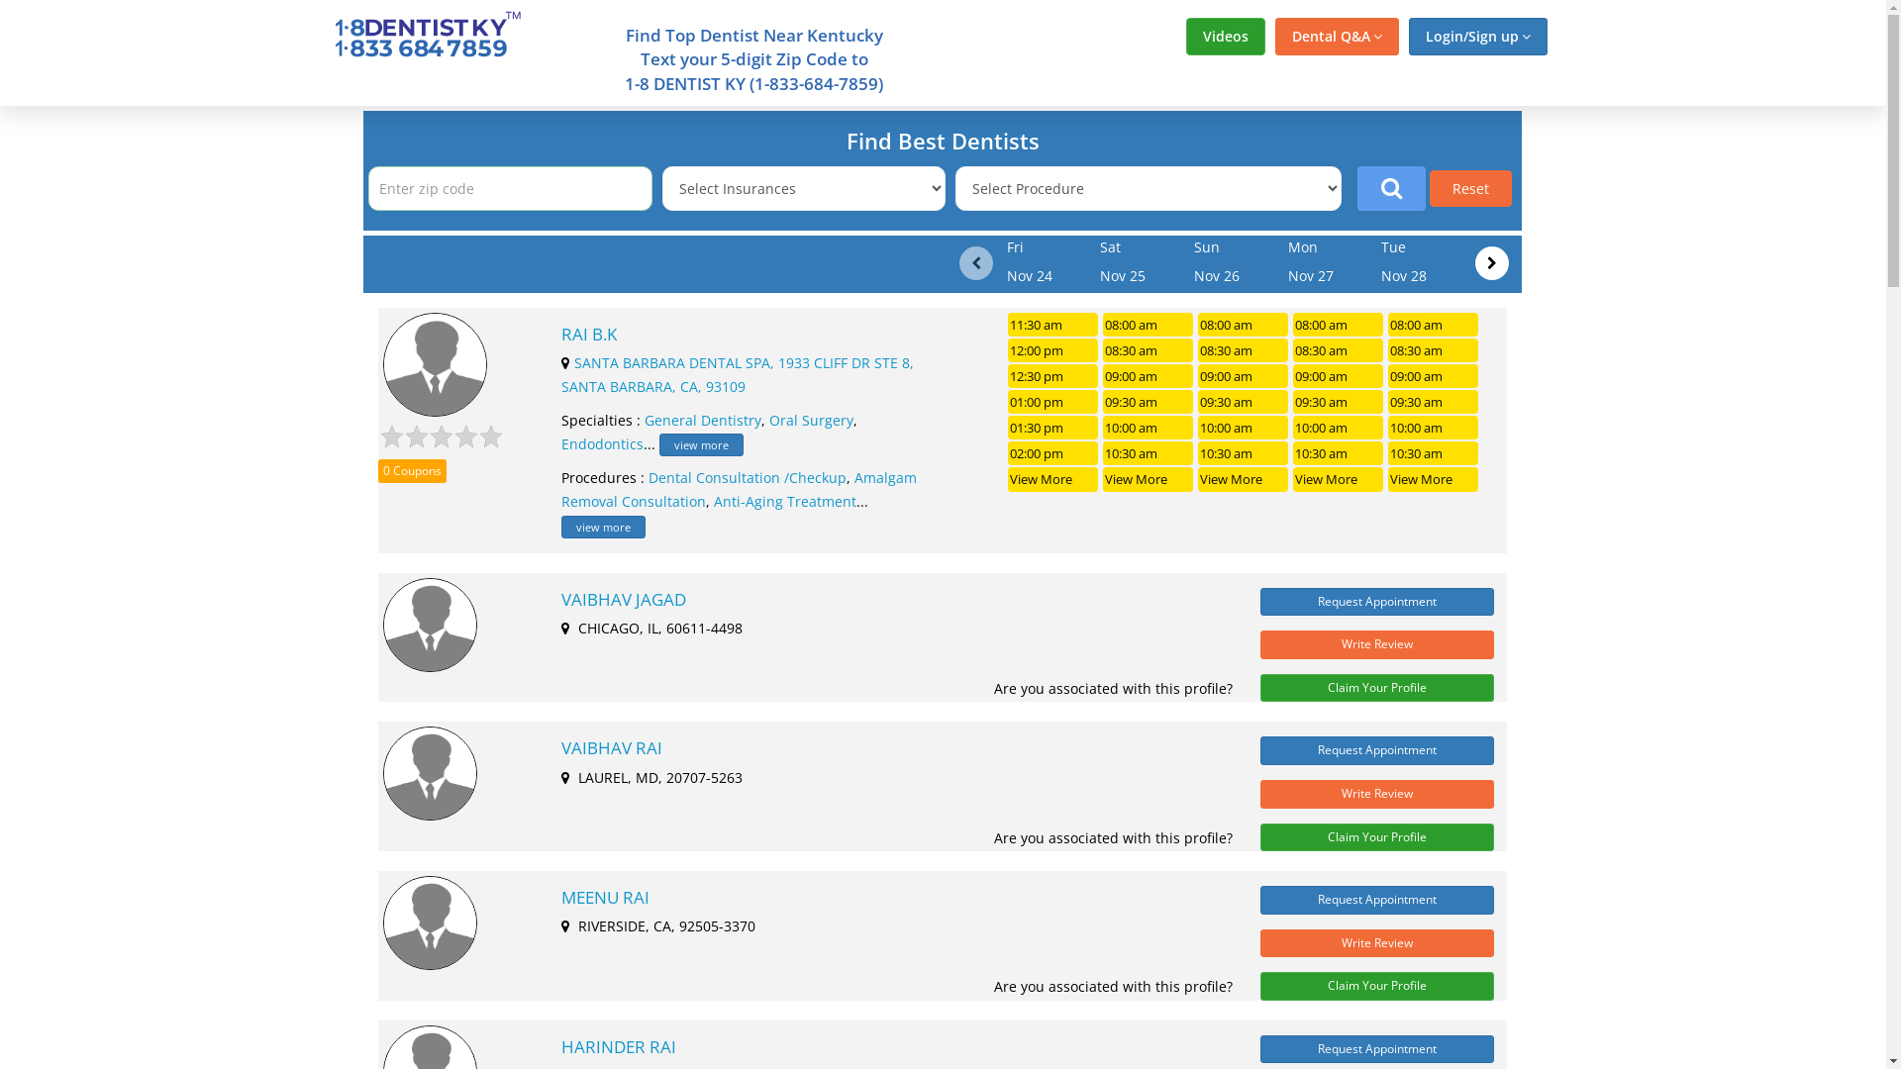 The width and height of the screenshot is (1901, 1069). Describe the element at coordinates (1051, 478) in the screenshot. I see `'View More'` at that location.